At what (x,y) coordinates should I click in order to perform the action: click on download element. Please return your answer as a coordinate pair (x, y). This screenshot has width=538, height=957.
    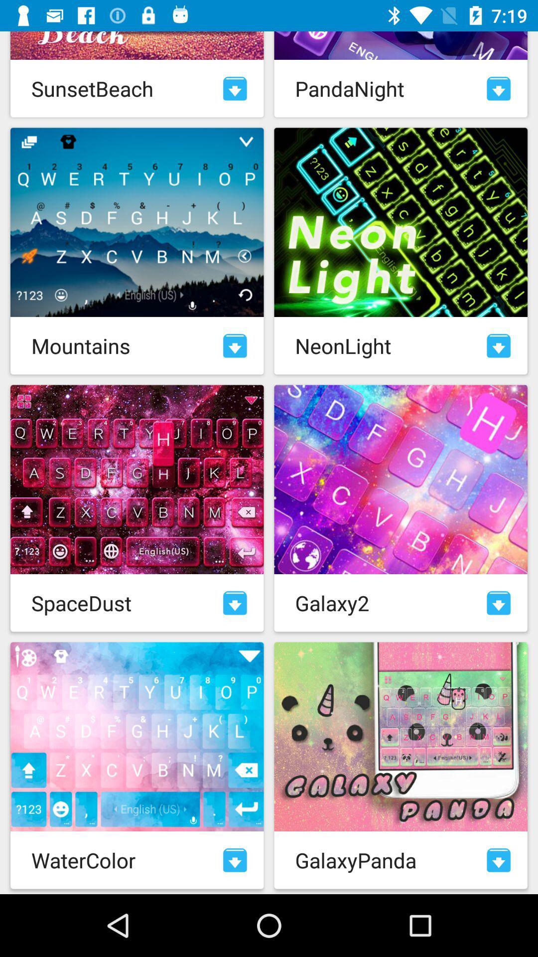
    Looking at the image, I should click on (499, 602).